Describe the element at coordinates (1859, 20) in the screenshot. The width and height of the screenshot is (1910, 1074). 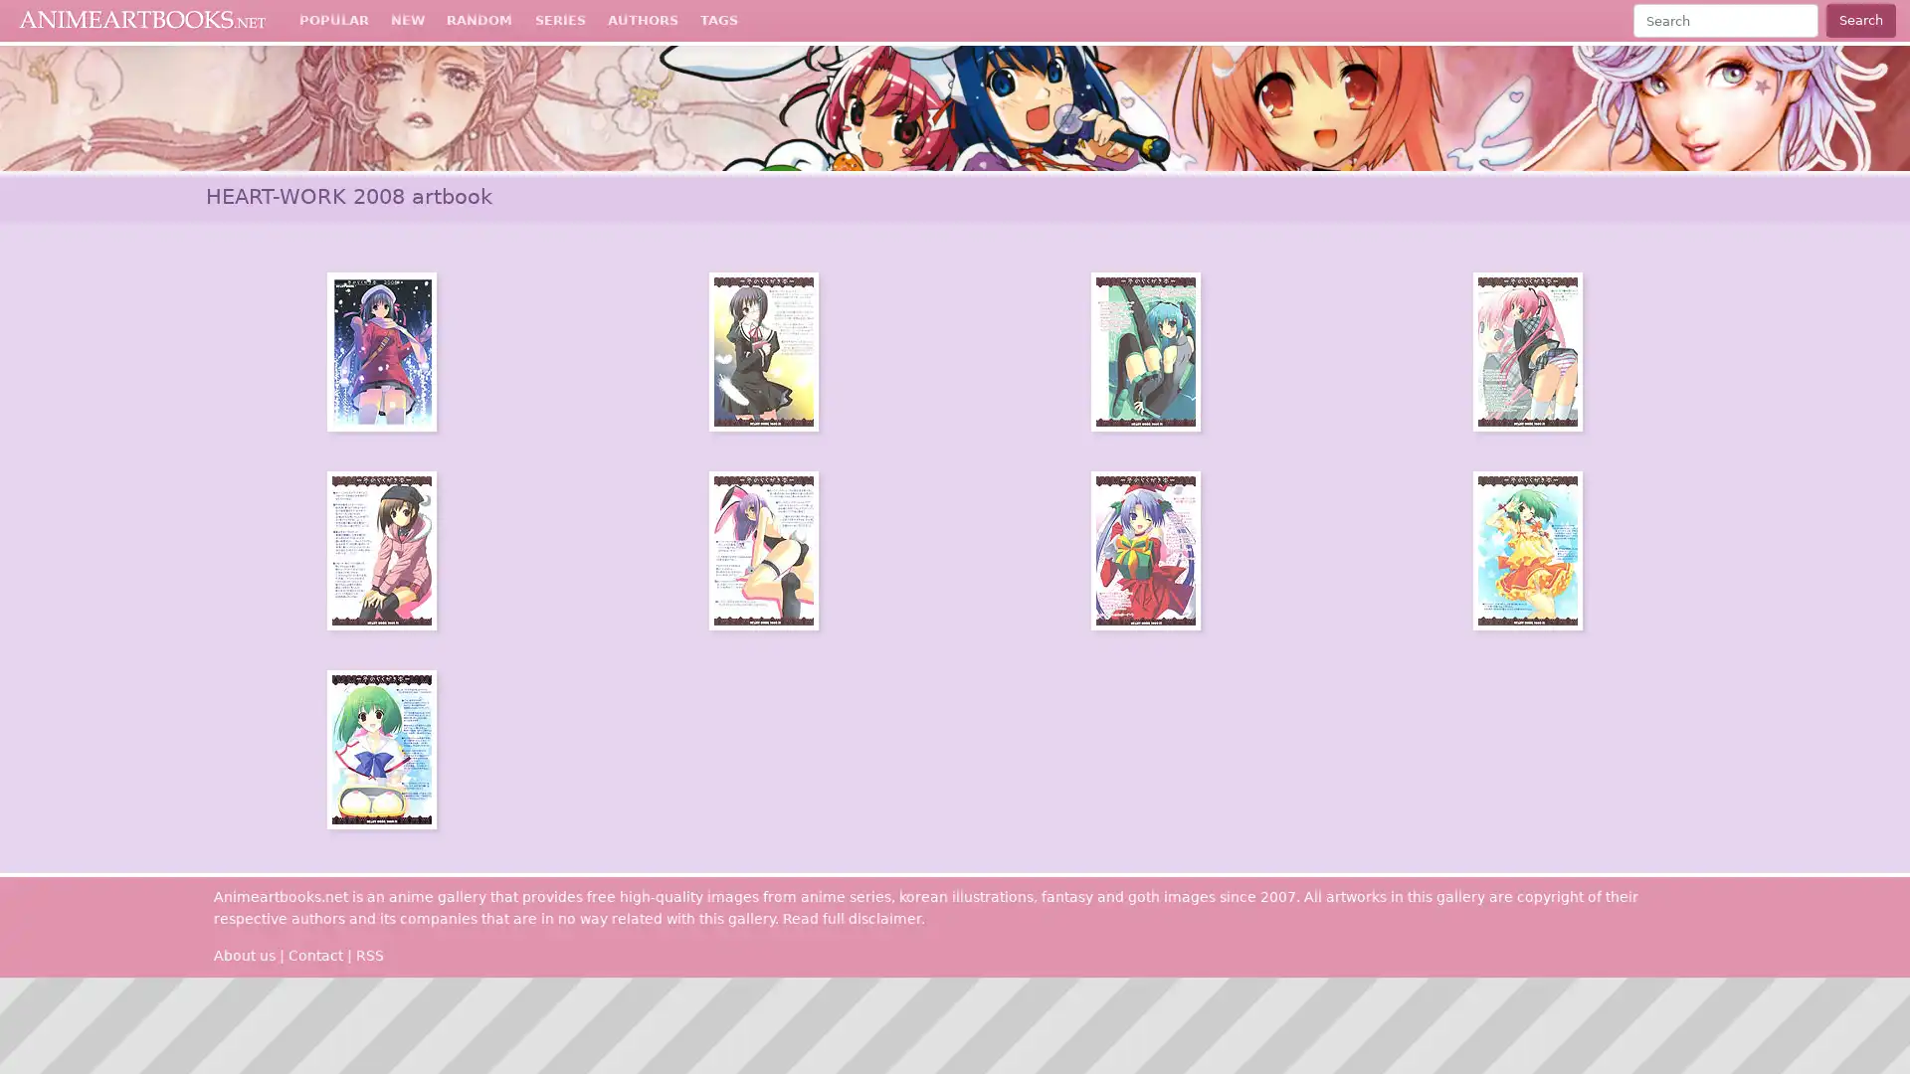
I see `Search` at that location.